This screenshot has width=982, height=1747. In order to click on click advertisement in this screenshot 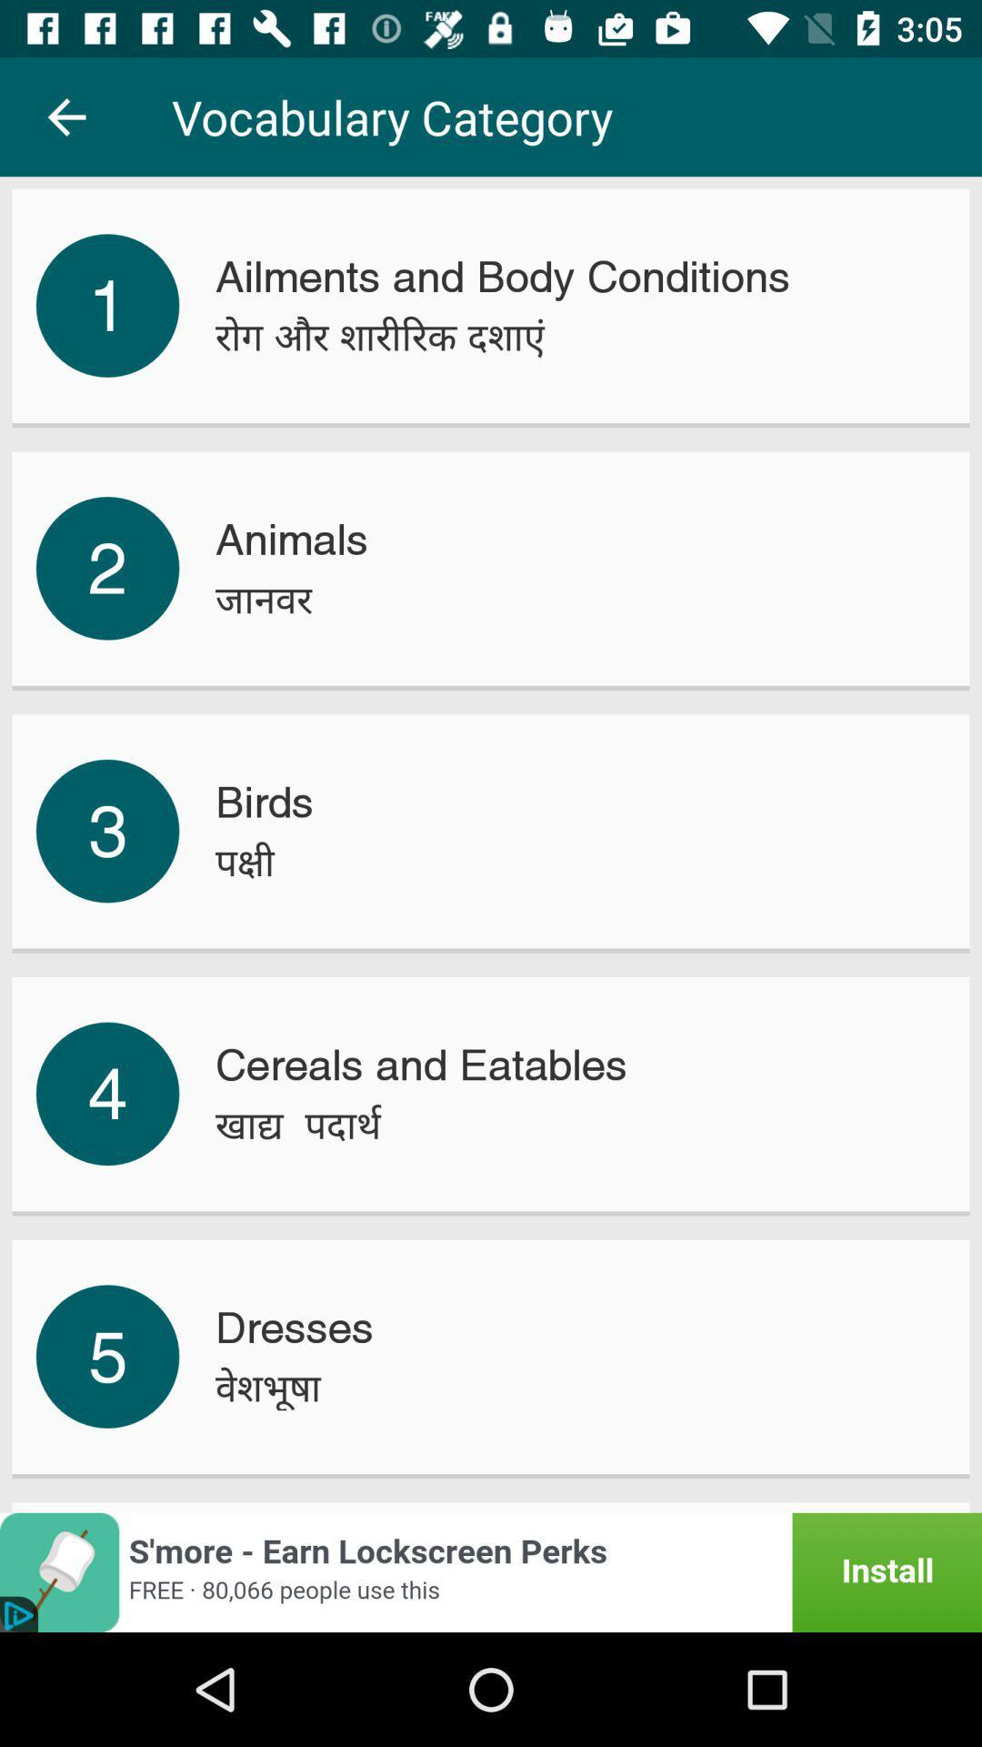, I will do `click(491, 1571)`.